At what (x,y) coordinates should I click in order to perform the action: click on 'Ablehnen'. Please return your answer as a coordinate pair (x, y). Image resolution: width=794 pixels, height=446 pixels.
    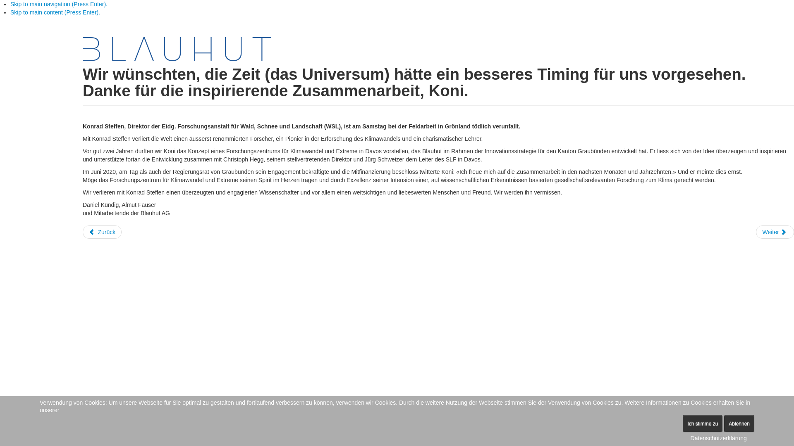
    Looking at the image, I should click on (724, 424).